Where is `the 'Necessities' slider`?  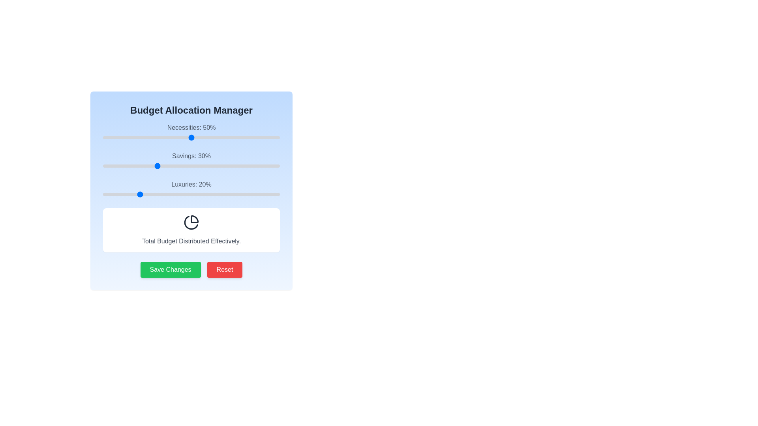 the 'Necessities' slider is located at coordinates (269, 137).